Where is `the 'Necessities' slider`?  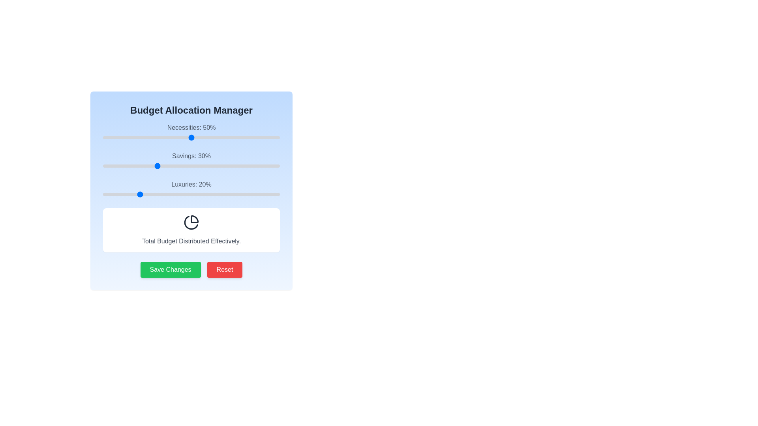 the 'Necessities' slider is located at coordinates (269, 137).